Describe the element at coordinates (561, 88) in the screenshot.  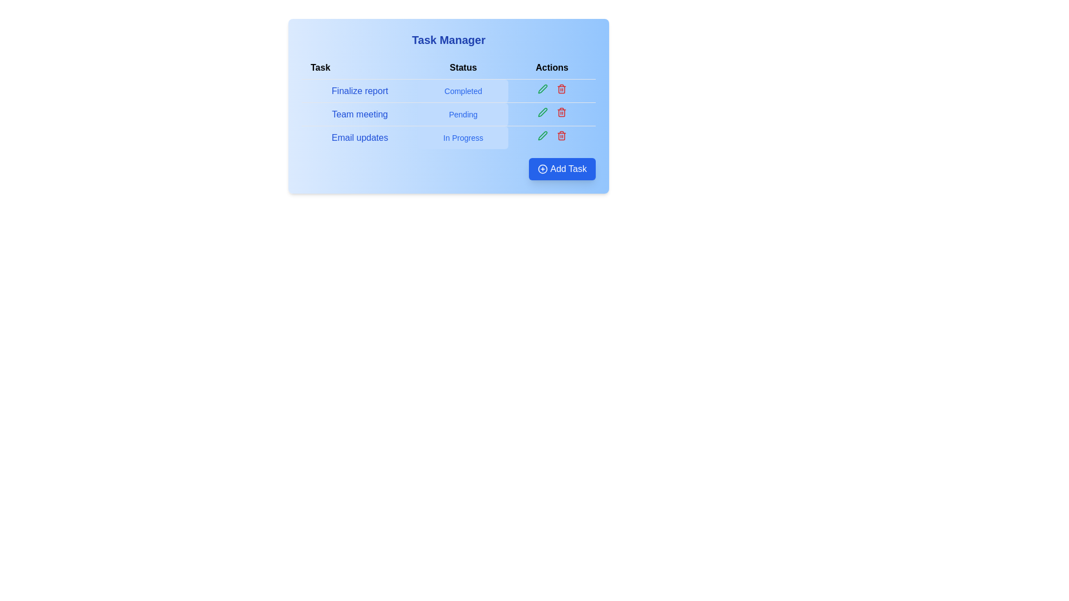
I see `the delete icon for the task 'Finalize report' to remove it` at that location.